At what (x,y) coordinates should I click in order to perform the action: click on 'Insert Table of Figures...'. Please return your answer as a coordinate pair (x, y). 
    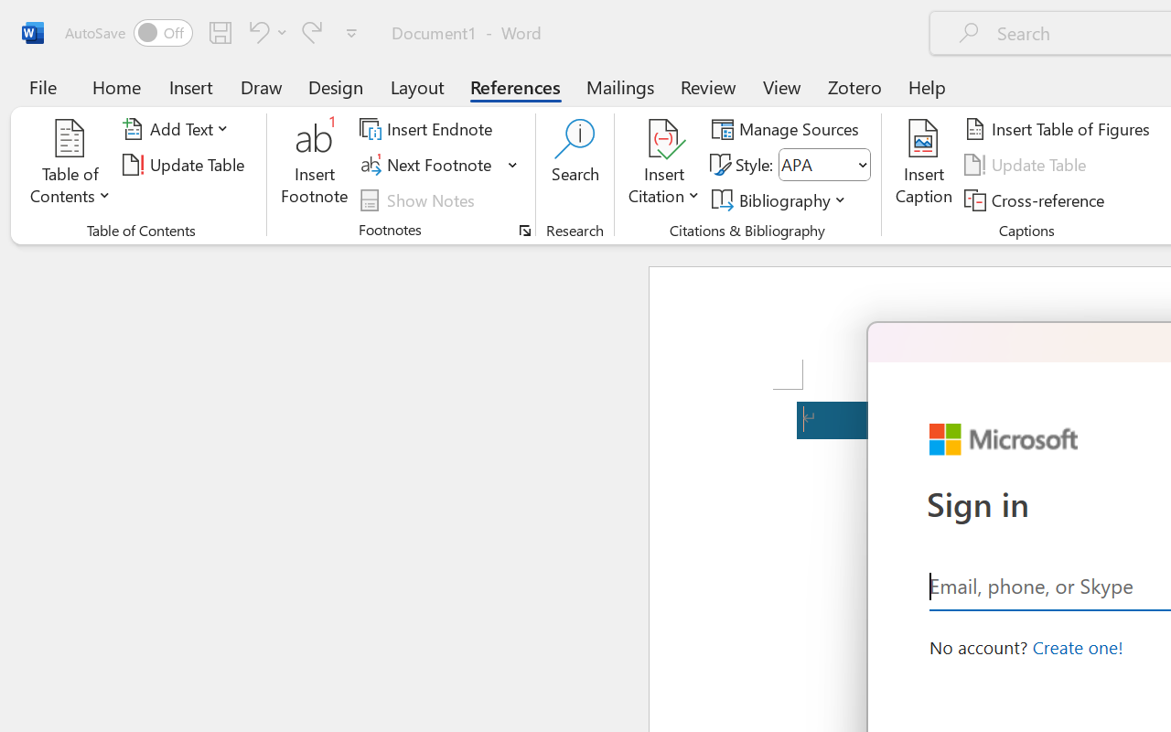
    Looking at the image, I should click on (1060, 129).